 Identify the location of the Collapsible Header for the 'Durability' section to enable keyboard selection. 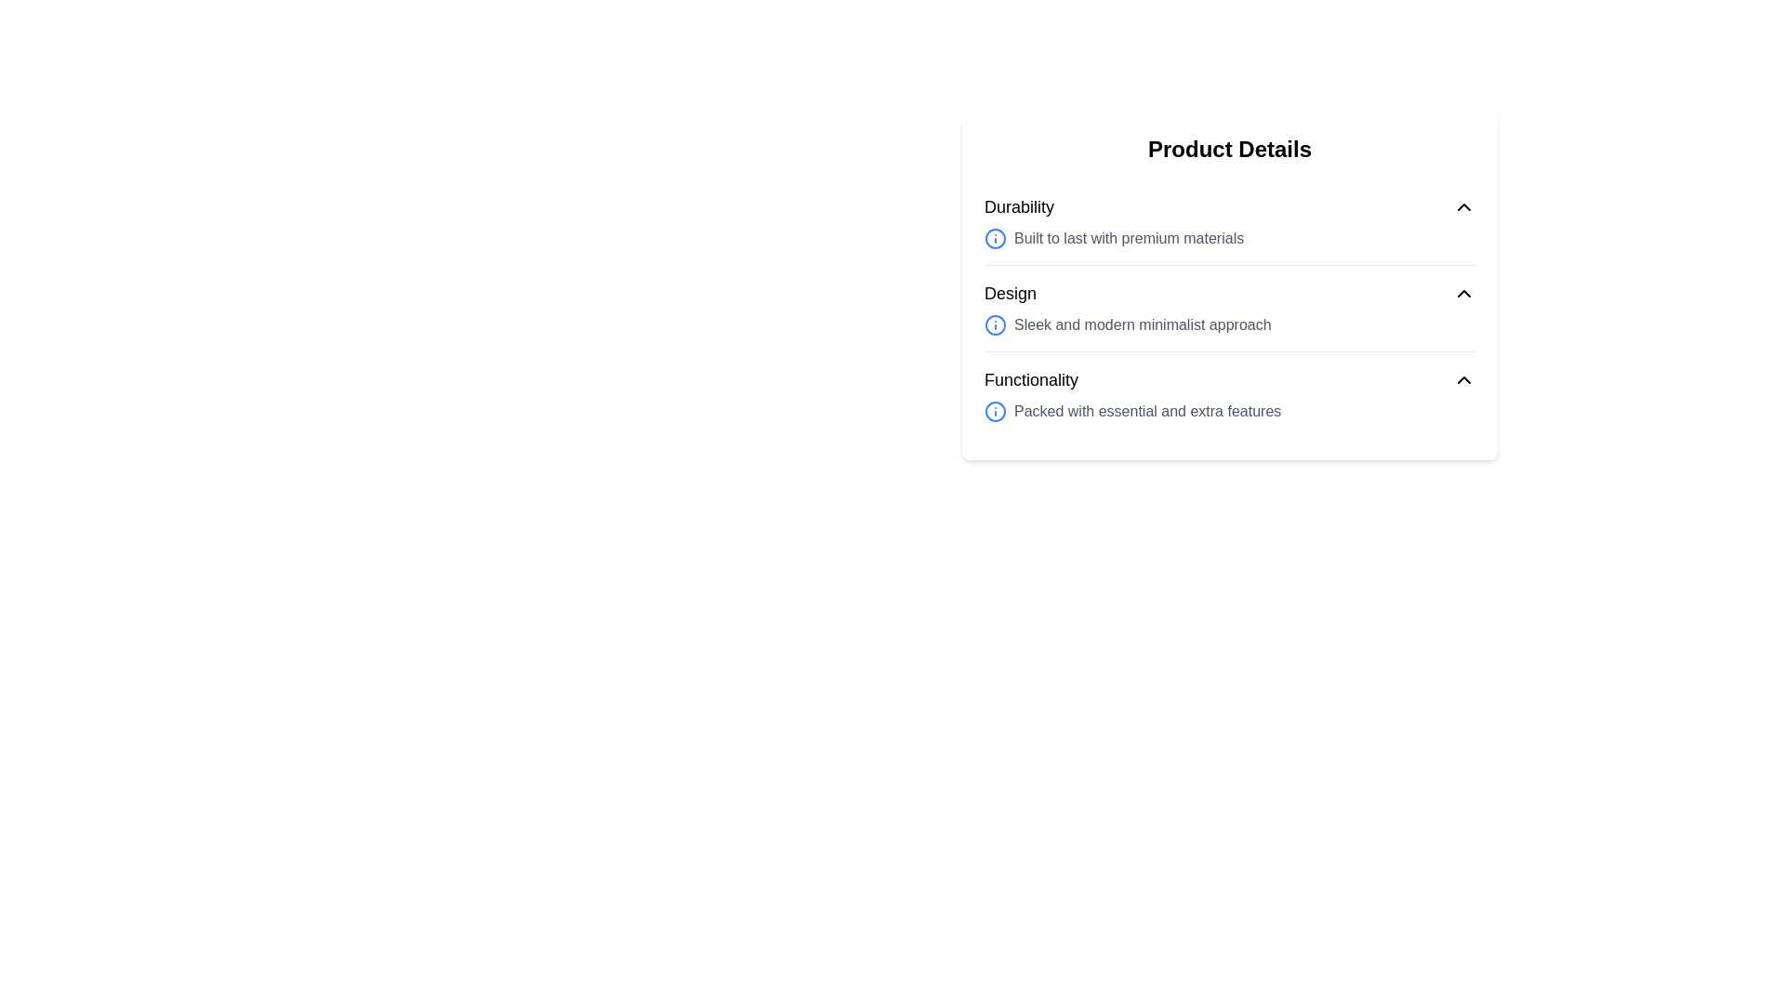
(1230, 207).